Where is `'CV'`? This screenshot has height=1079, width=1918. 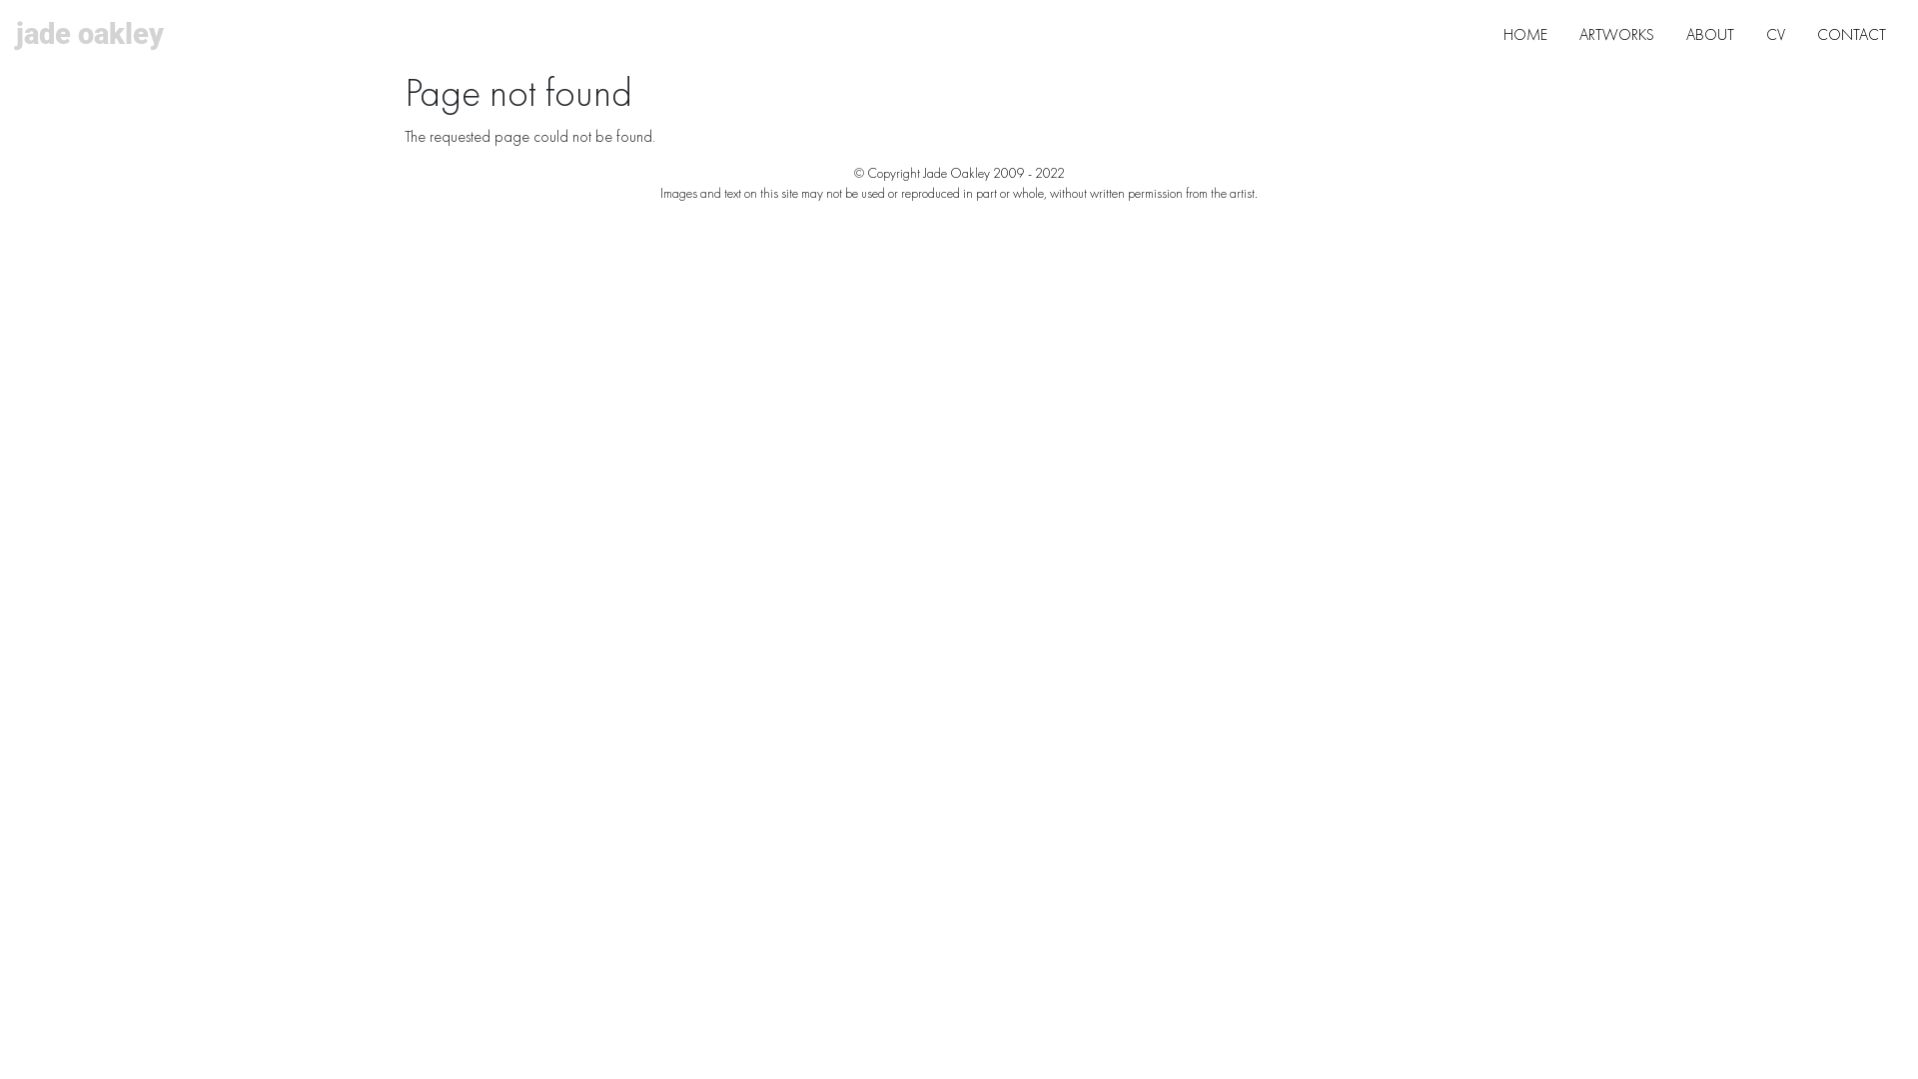
'CV' is located at coordinates (1775, 34).